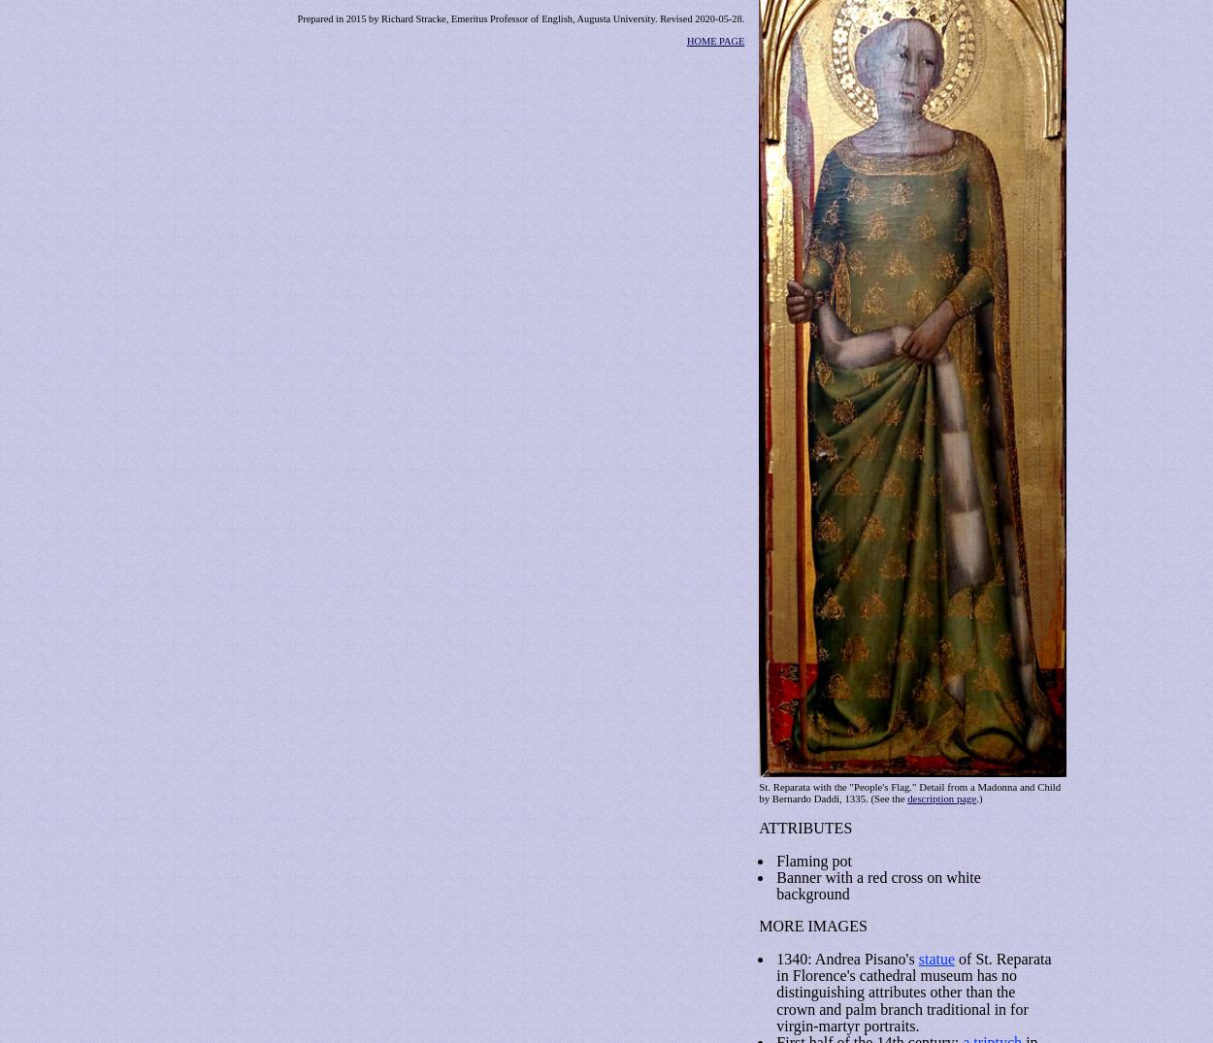 Image resolution: width=1213 pixels, height=1043 pixels. Describe the element at coordinates (912, 991) in the screenshot. I see `'of St. Reparata in Florence's cathedral museum has no distinguishing attributes other than the crown and palm branch traditional in for virgin-martyr portraits.'` at that location.